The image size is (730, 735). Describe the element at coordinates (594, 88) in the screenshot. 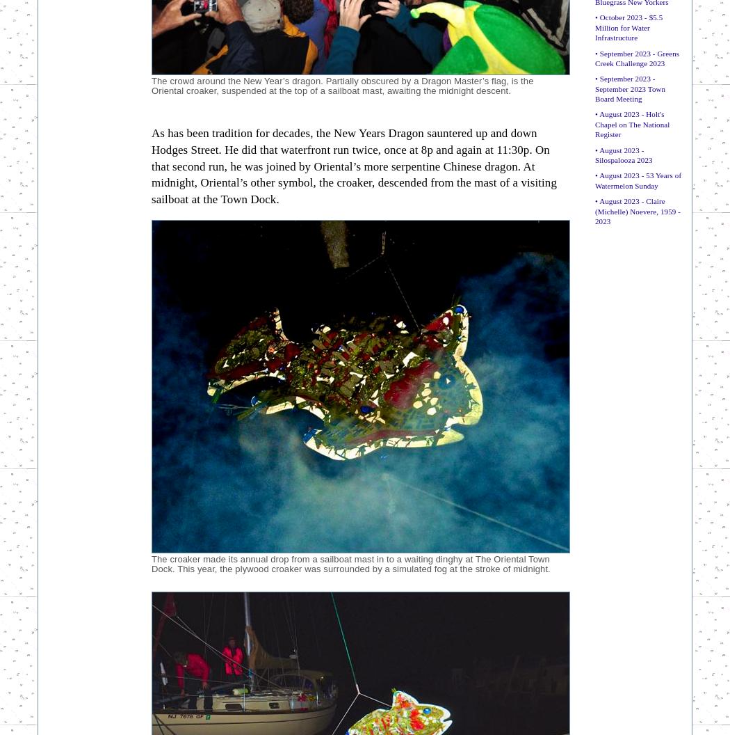

I see `'•  September 2023 - September 2023 Town Board Meeting'` at that location.